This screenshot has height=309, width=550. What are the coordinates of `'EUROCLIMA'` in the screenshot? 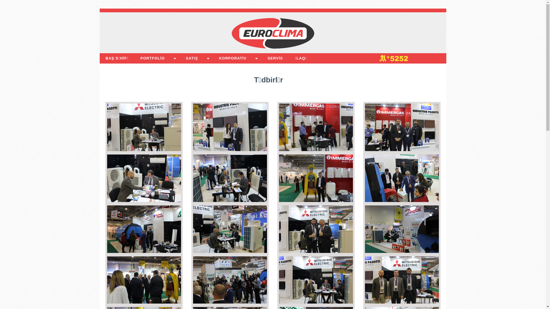 It's located at (272, 33).